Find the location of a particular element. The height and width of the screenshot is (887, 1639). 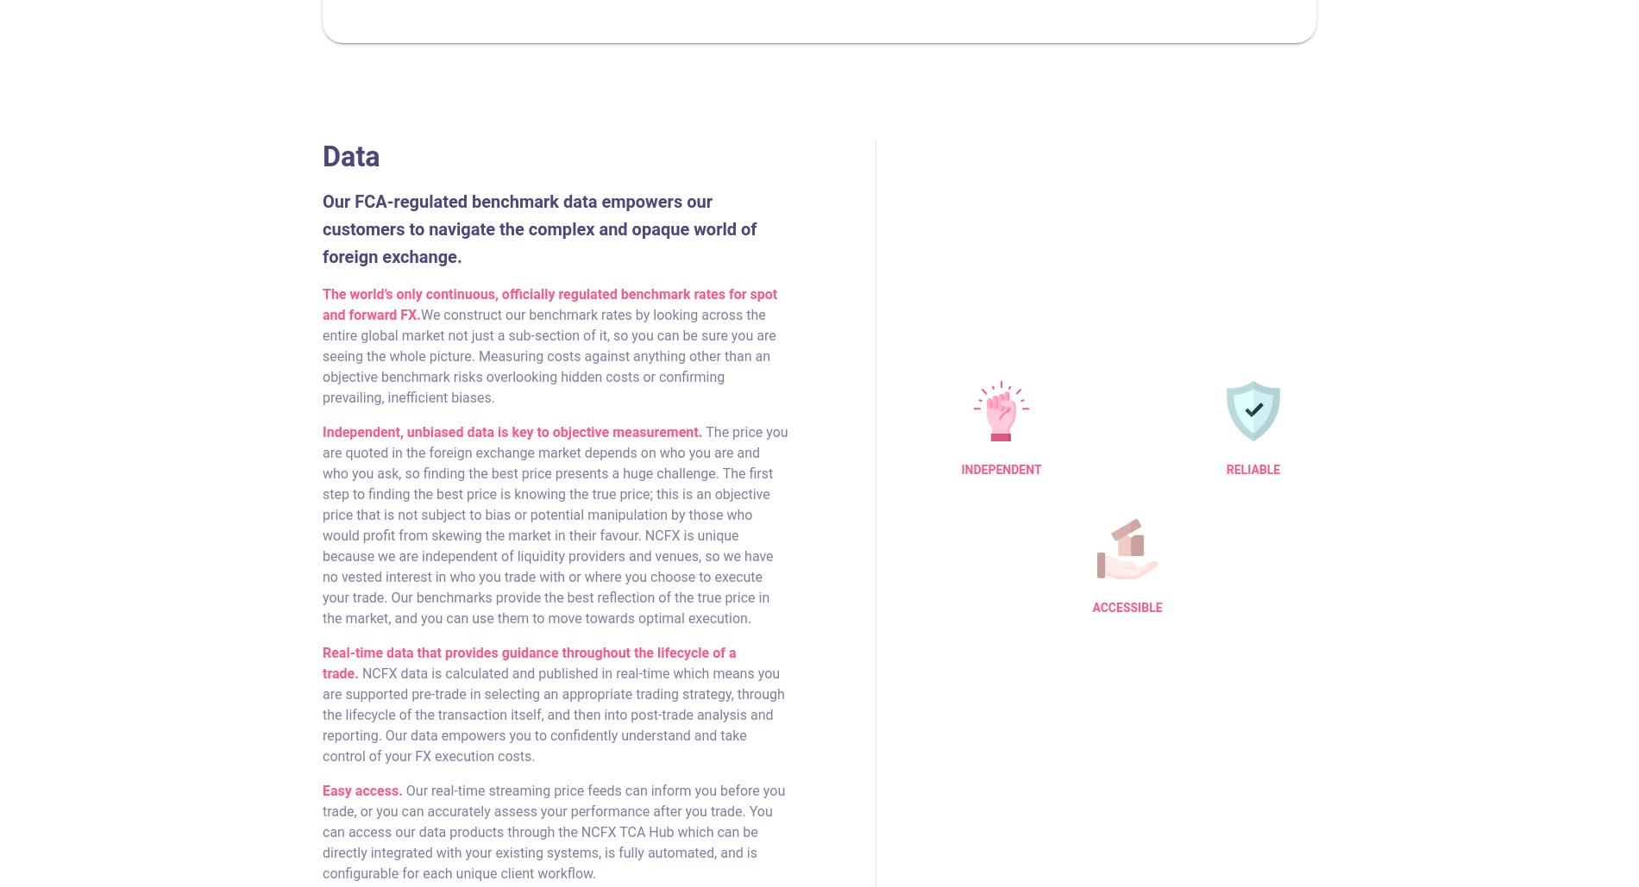

'Data' is located at coordinates (349, 156).